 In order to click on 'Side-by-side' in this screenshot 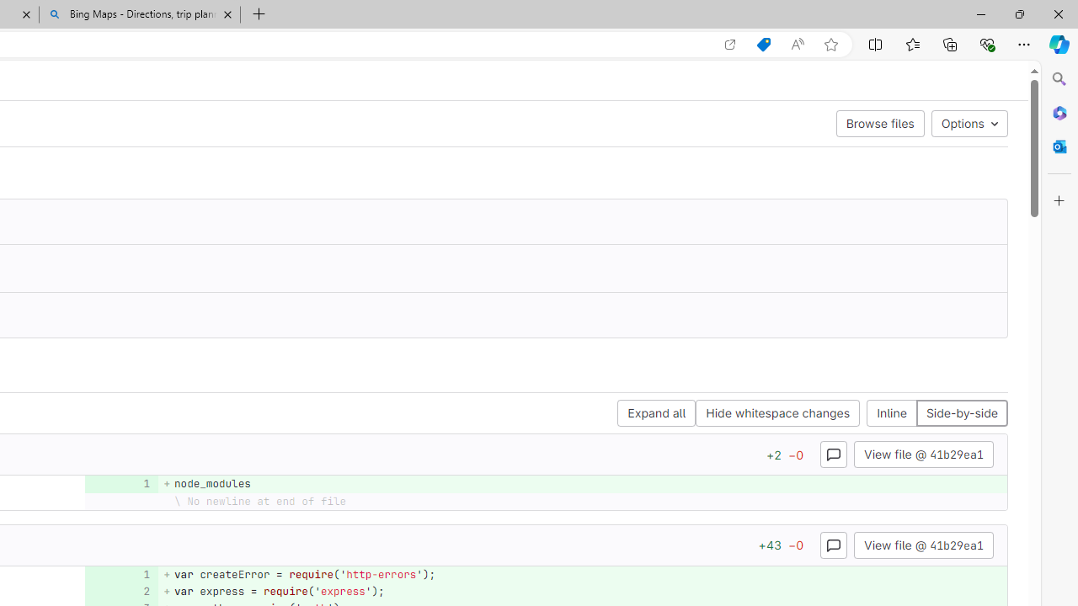, I will do `click(961, 413)`.